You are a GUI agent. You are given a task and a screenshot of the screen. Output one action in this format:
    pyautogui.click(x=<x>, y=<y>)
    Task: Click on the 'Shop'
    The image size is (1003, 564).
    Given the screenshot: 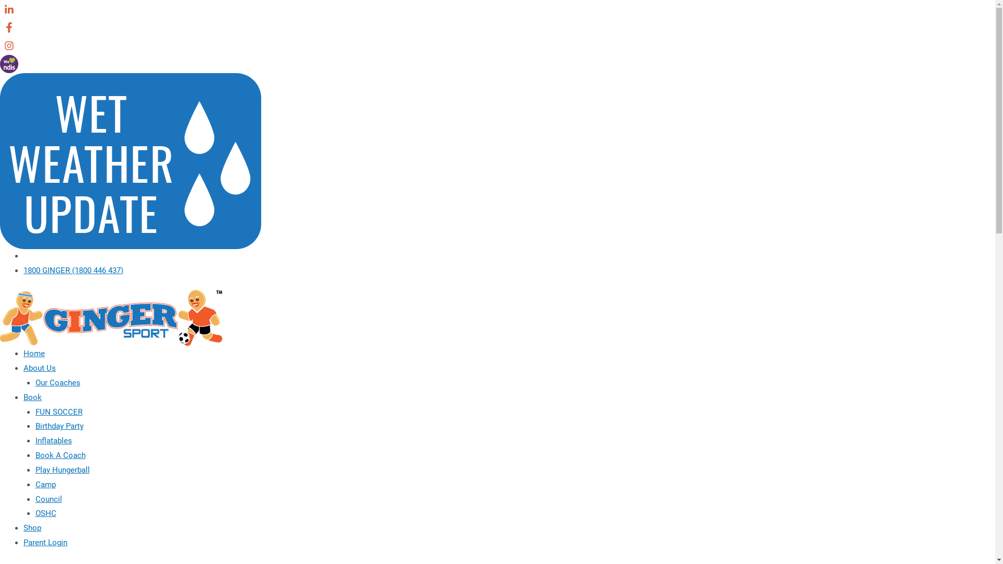 What is the action you would take?
    pyautogui.click(x=32, y=527)
    